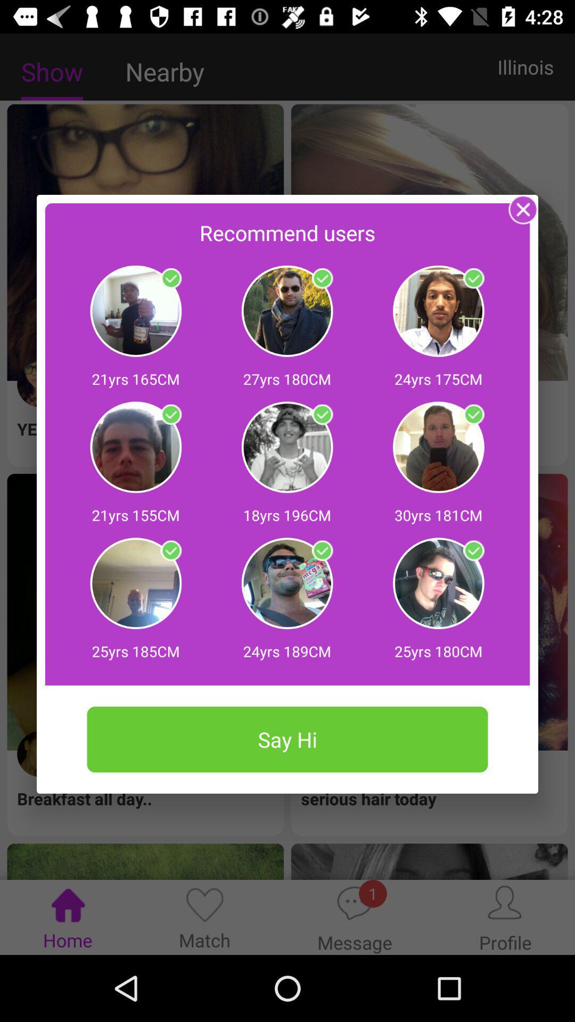  Describe the element at coordinates (322, 278) in the screenshot. I see `profile` at that location.